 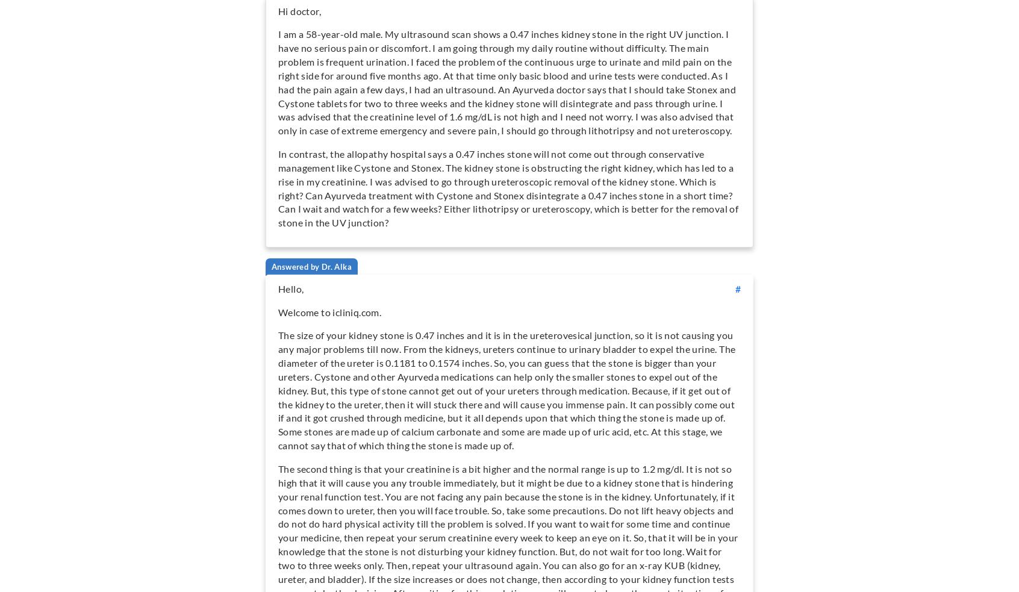 I want to click on 'Contact', so click(x=364, y=119).